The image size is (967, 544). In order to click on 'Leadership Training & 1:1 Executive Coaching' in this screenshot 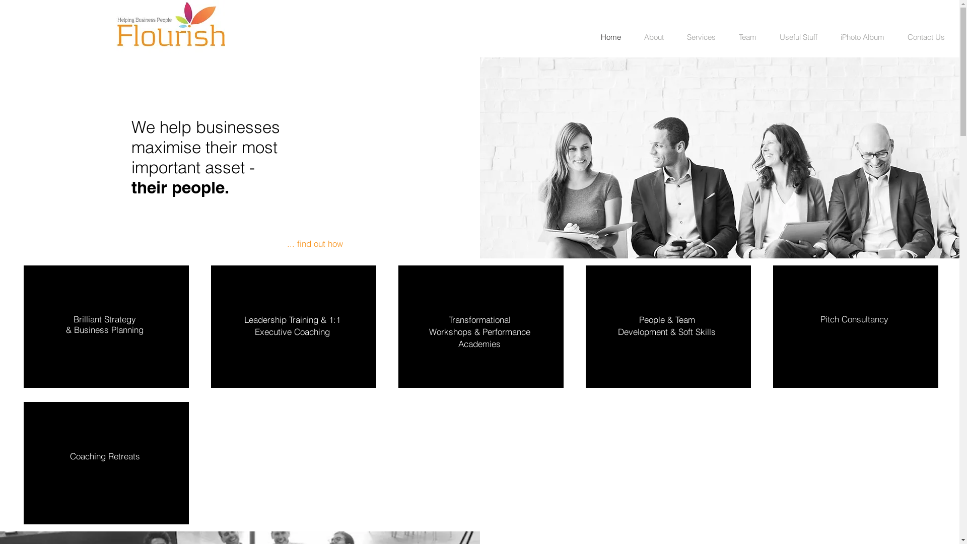, I will do `click(291, 325)`.